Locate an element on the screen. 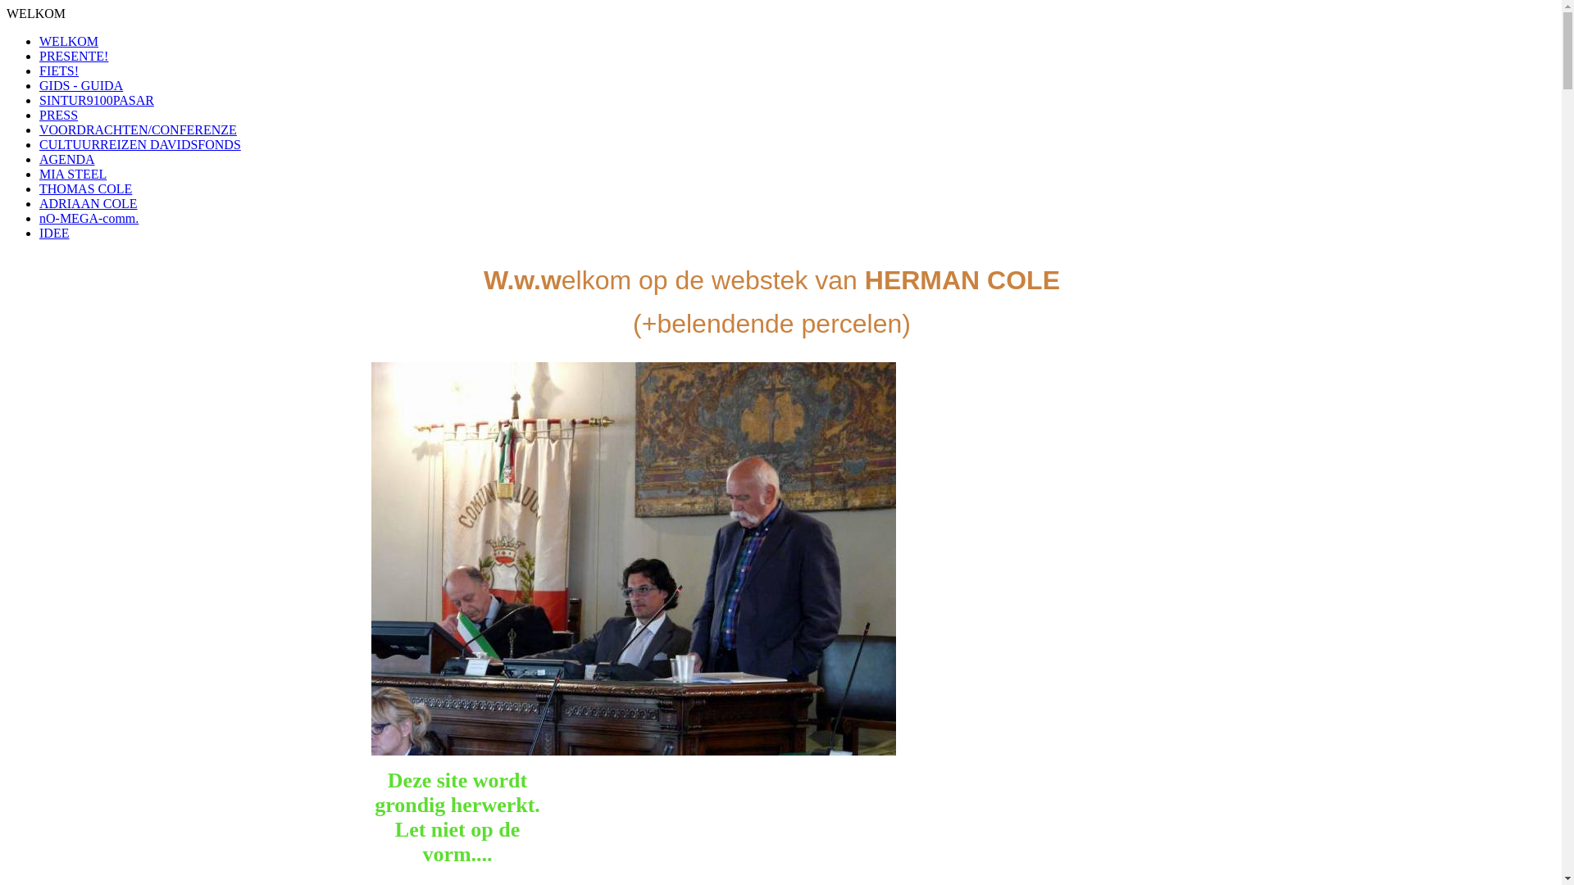  'PRESS' is located at coordinates (58, 114).